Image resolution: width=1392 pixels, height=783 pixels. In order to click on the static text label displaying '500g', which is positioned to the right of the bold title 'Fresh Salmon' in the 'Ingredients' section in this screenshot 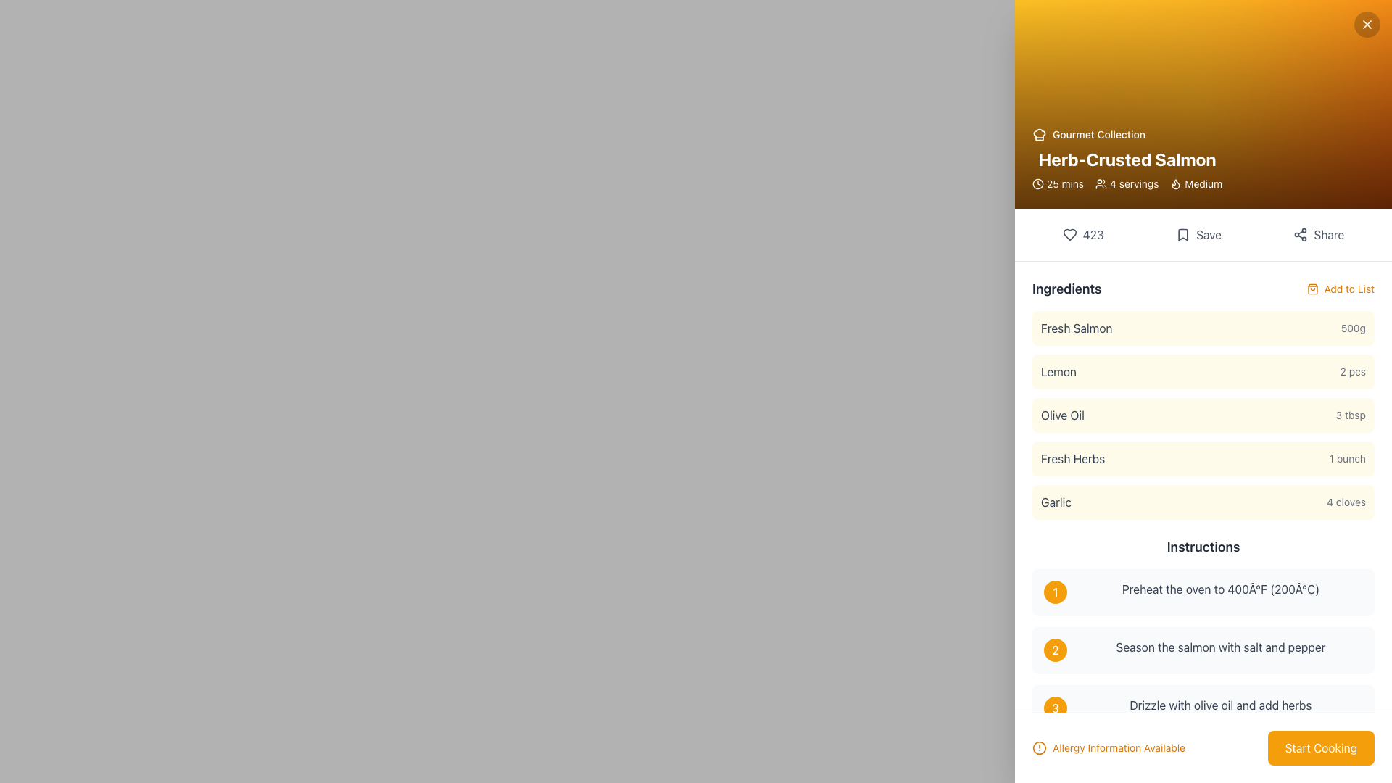, I will do `click(1352, 328)`.